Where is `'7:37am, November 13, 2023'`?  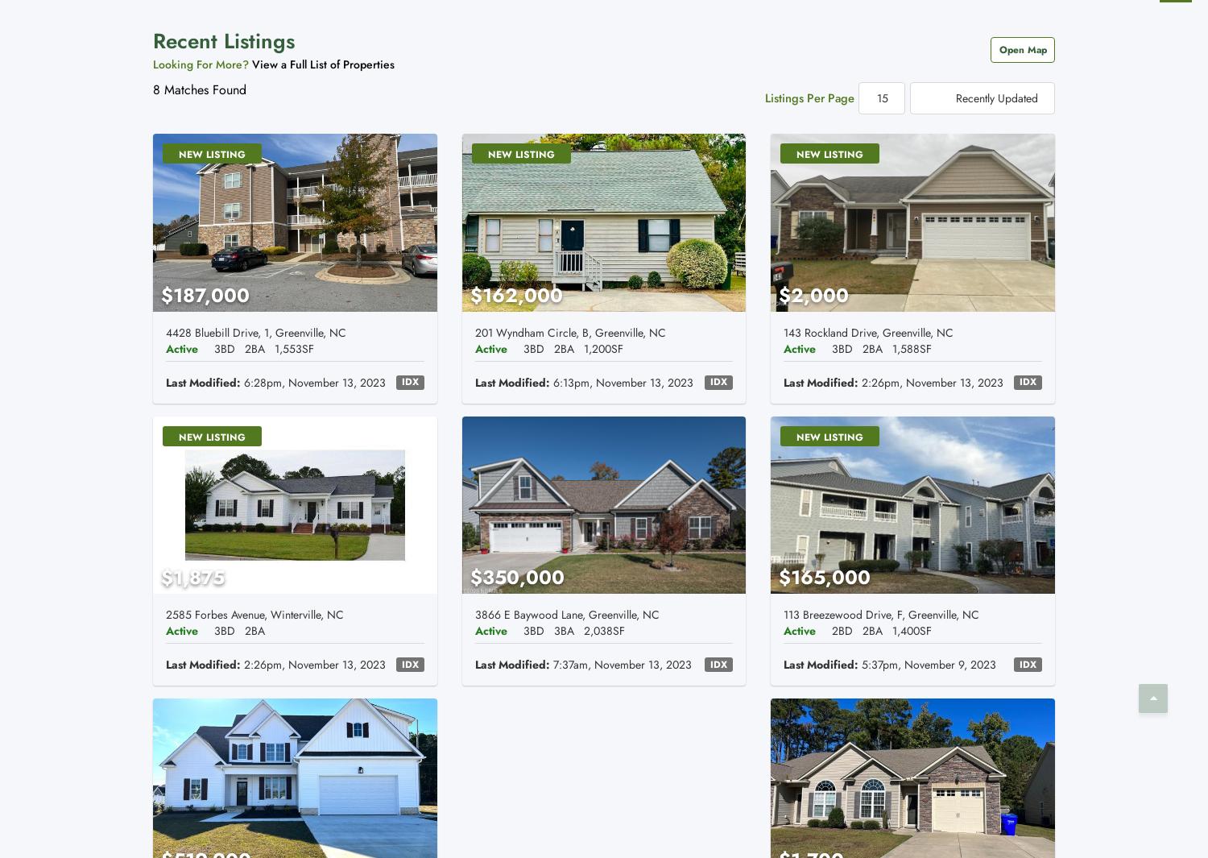 '7:37am, November 13, 2023' is located at coordinates (619, 664).